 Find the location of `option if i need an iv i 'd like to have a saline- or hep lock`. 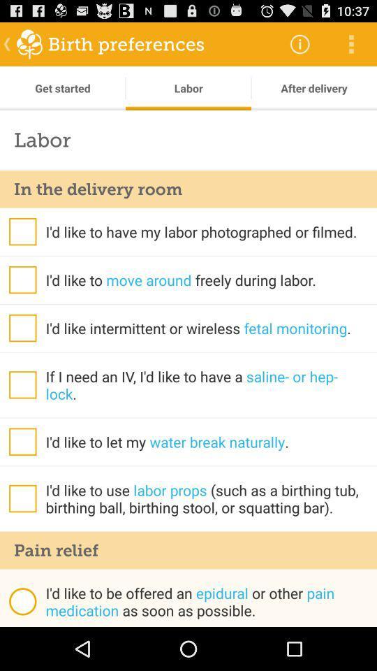

option if i need an iv i 'd like to have a saline- or hep lock is located at coordinates (22, 384).